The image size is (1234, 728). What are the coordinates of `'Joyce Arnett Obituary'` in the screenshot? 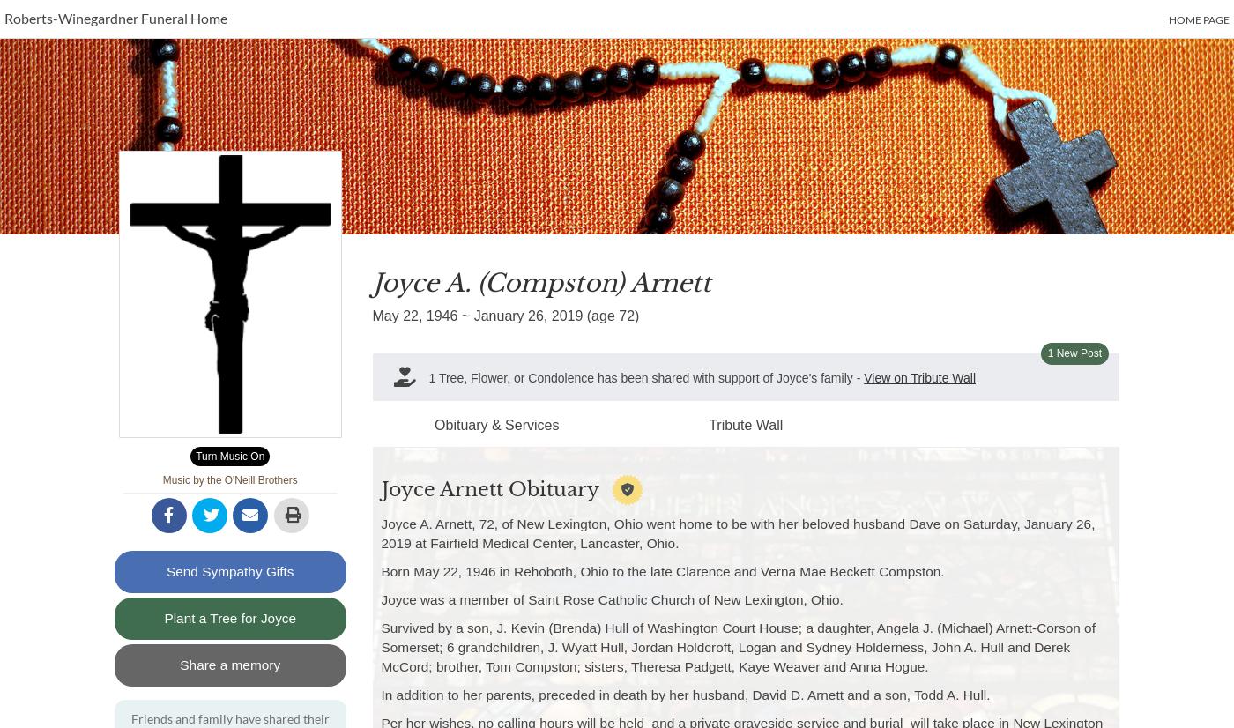 It's located at (489, 488).